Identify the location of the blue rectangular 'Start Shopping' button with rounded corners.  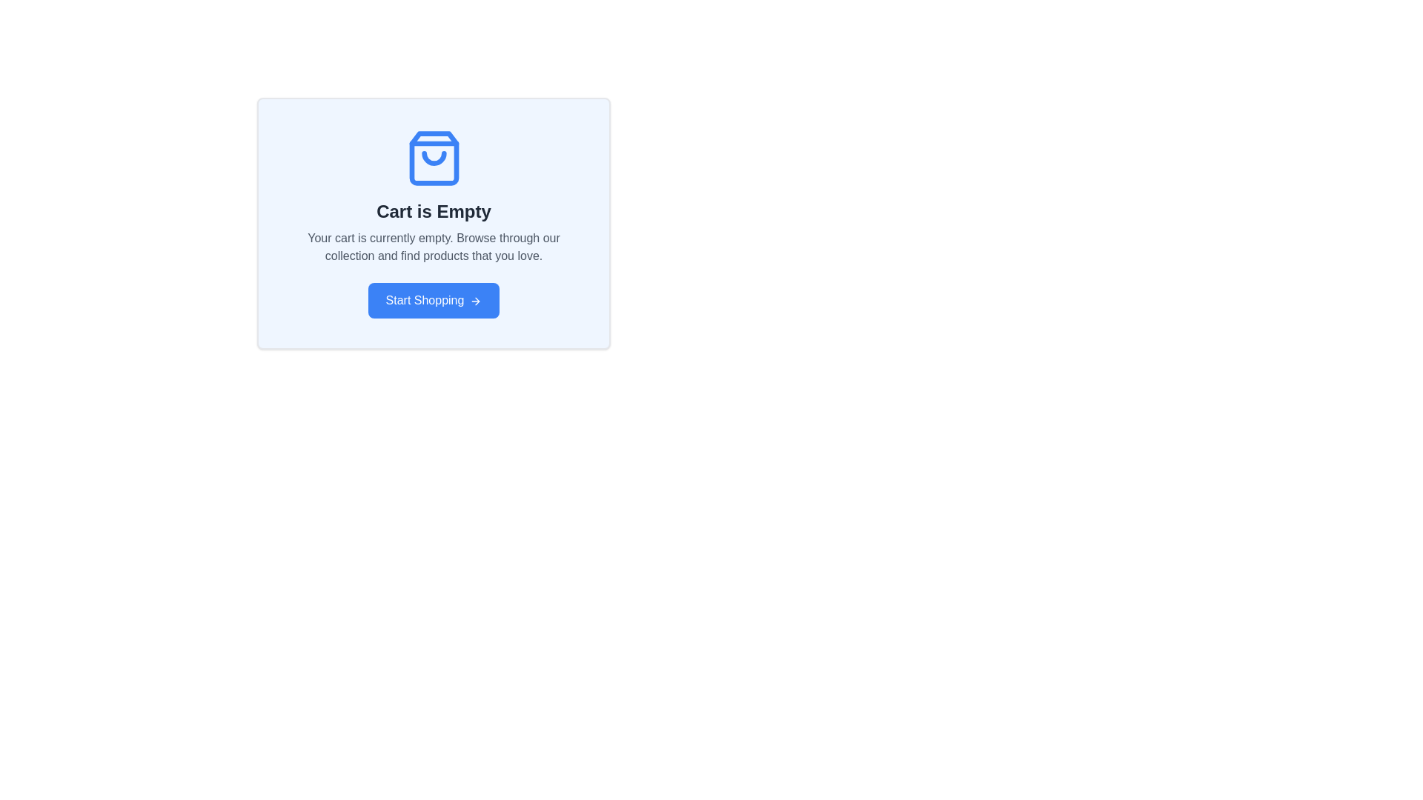
(433, 300).